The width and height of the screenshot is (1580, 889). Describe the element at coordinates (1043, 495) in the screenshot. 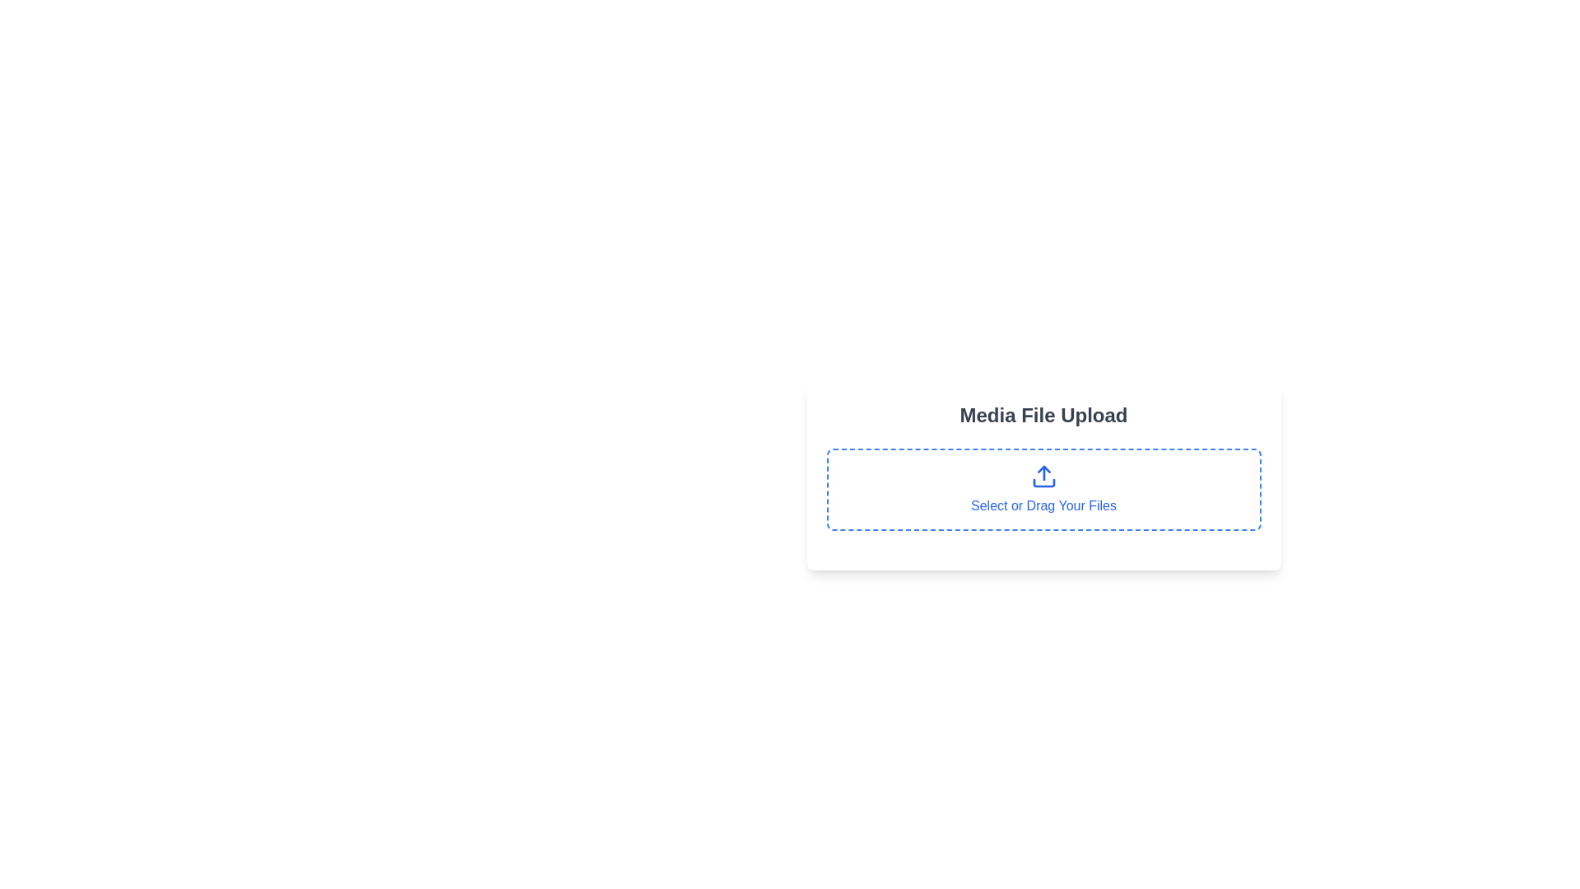

I see `the file upload field with the text 'Media File Upload' and the dashed-bordered area for highlighting` at that location.